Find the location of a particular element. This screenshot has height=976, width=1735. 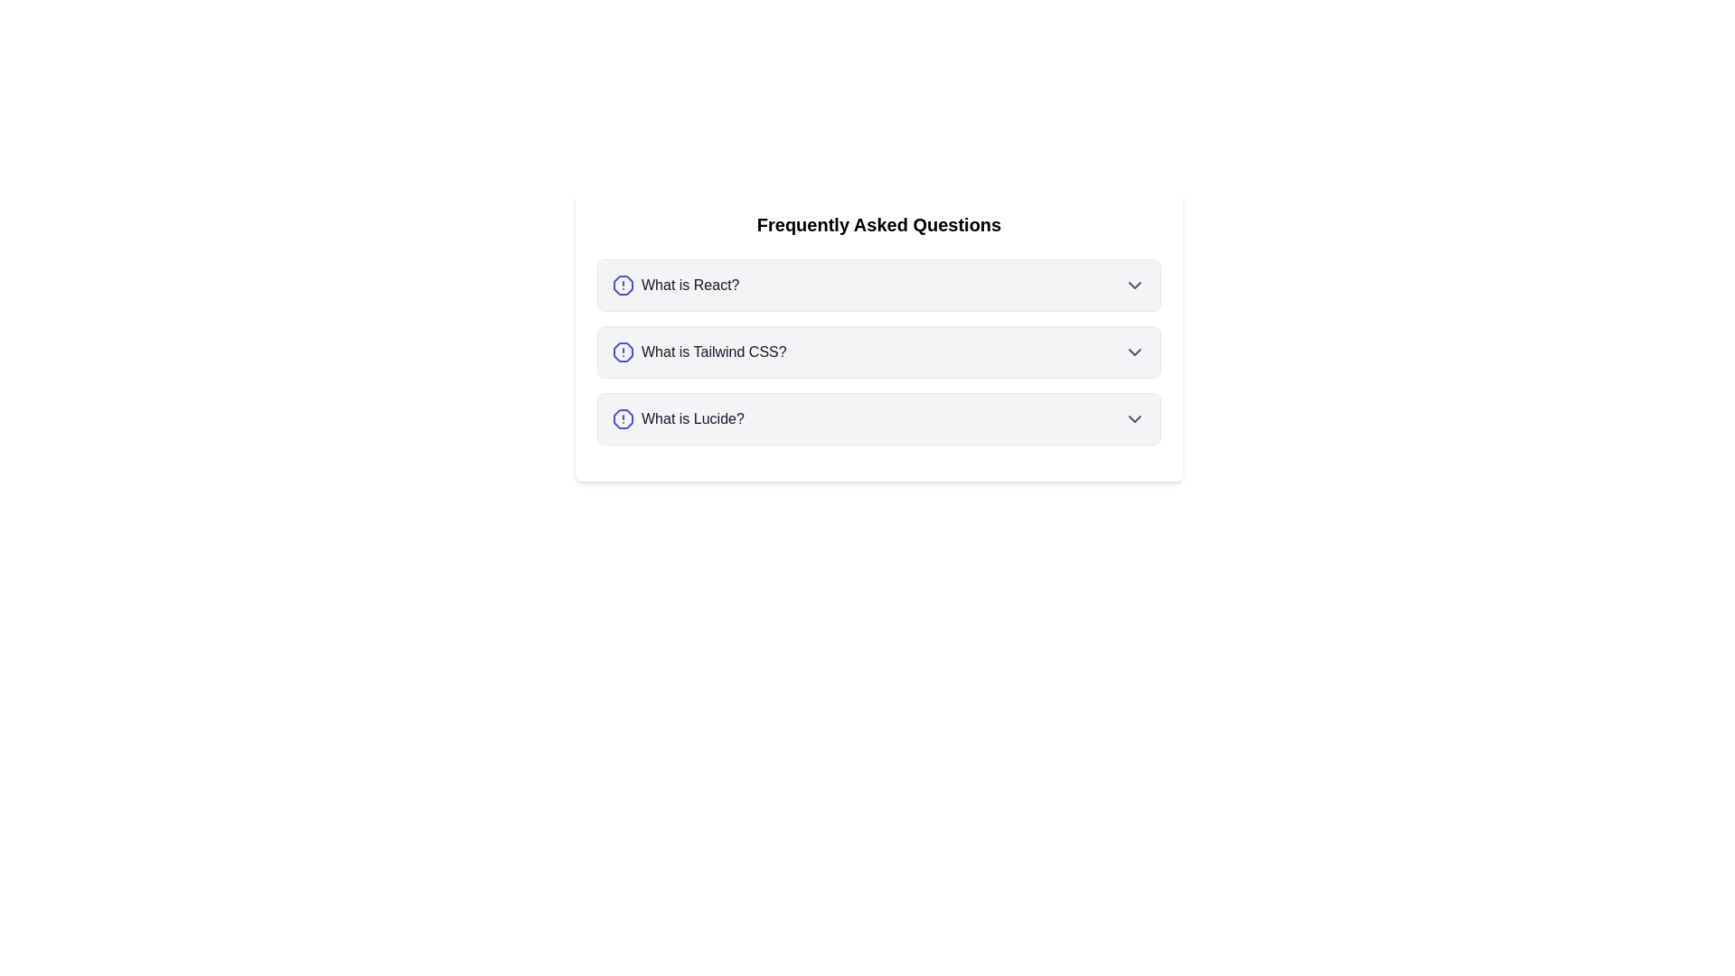

the SVG-based graphical icon located to the left of the FAQ question 'What is Lucide?' in the third row of the list is located at coordinates (624, 418).